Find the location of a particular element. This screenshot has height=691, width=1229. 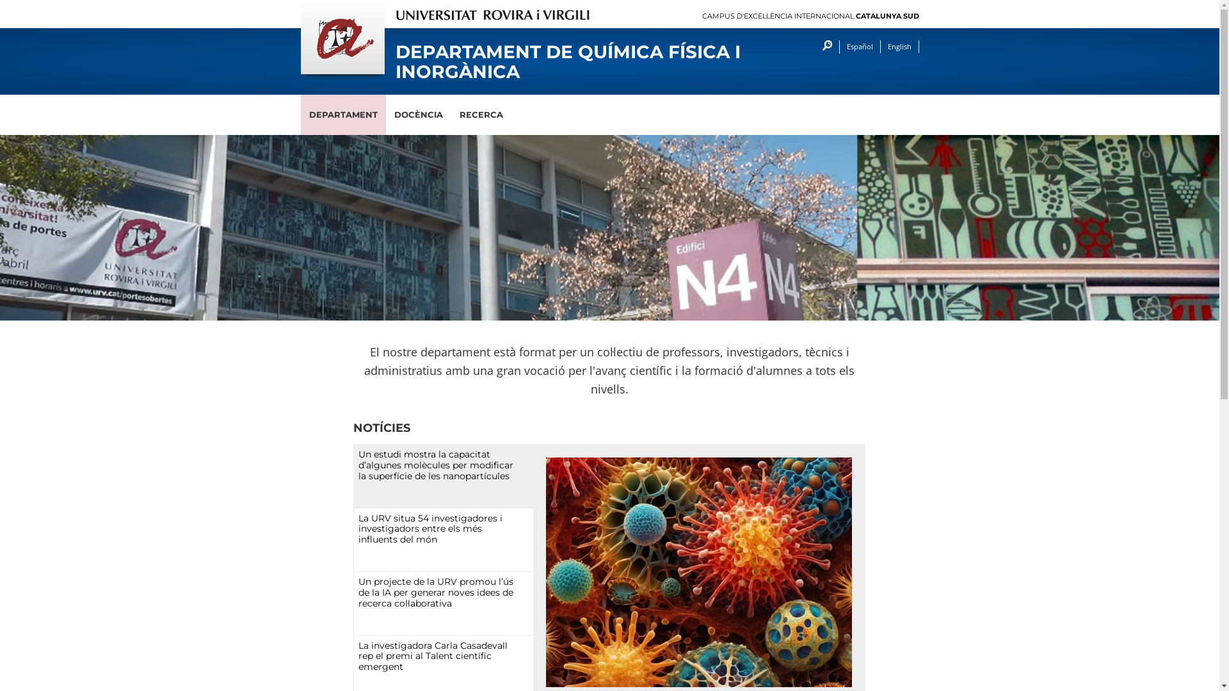

'RECERCA' is located at coordinates (479, 114).